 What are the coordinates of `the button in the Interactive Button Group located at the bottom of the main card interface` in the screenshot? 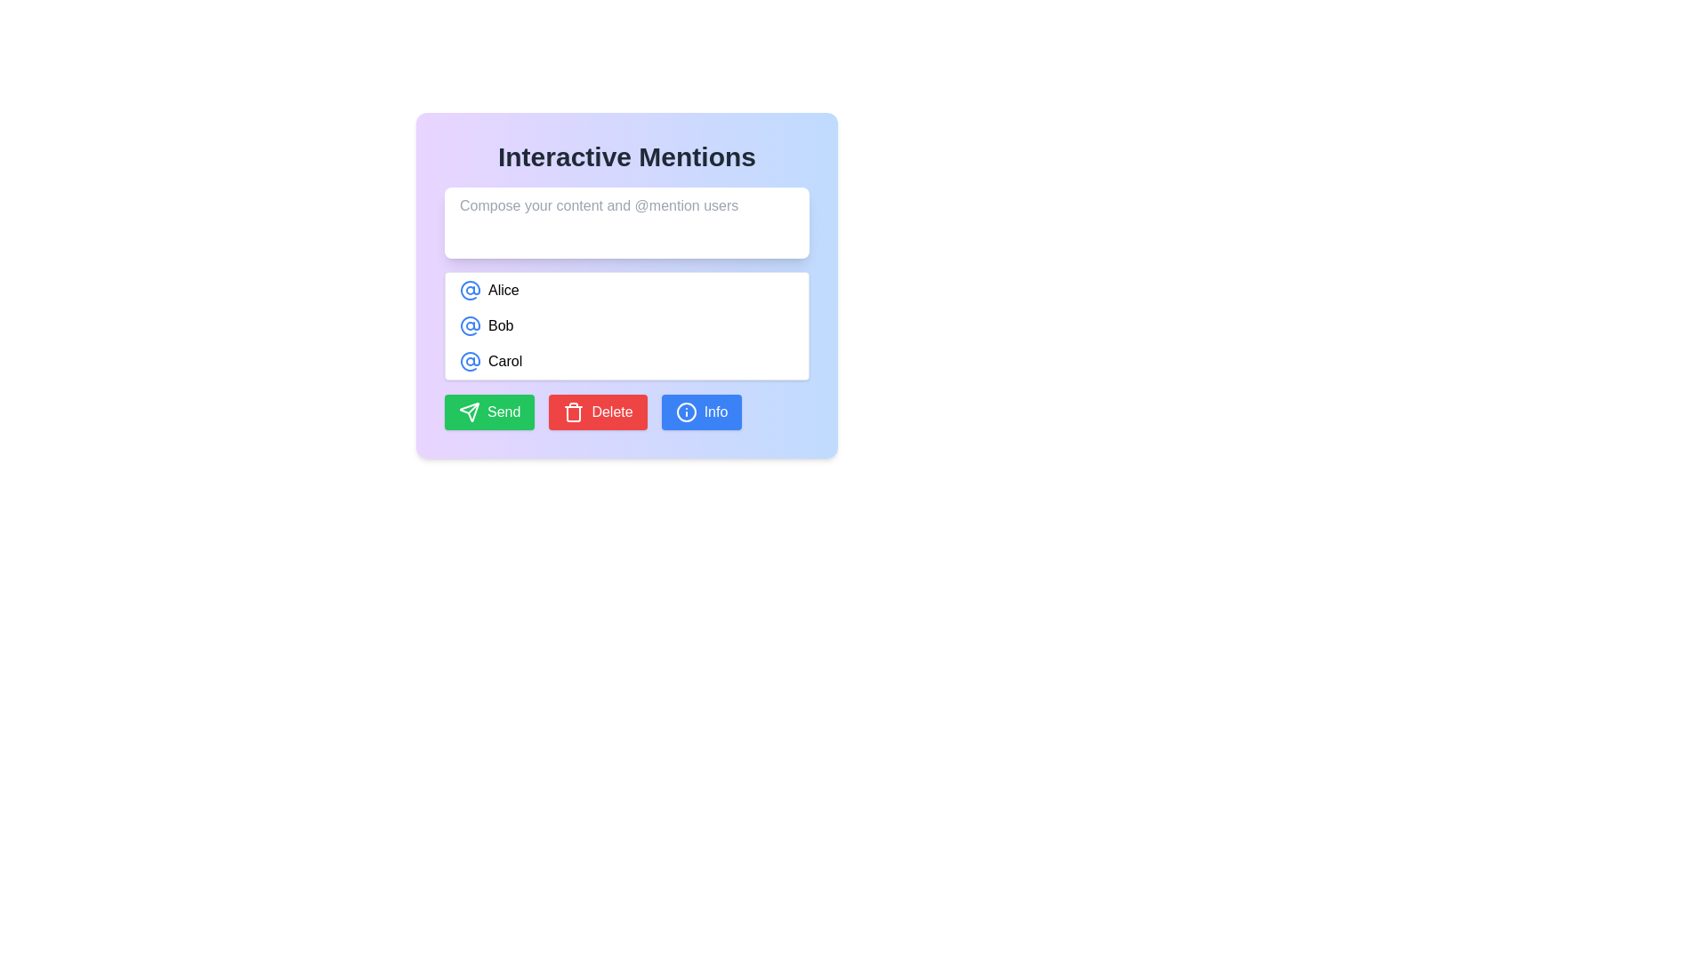 It's located at (627, 412).